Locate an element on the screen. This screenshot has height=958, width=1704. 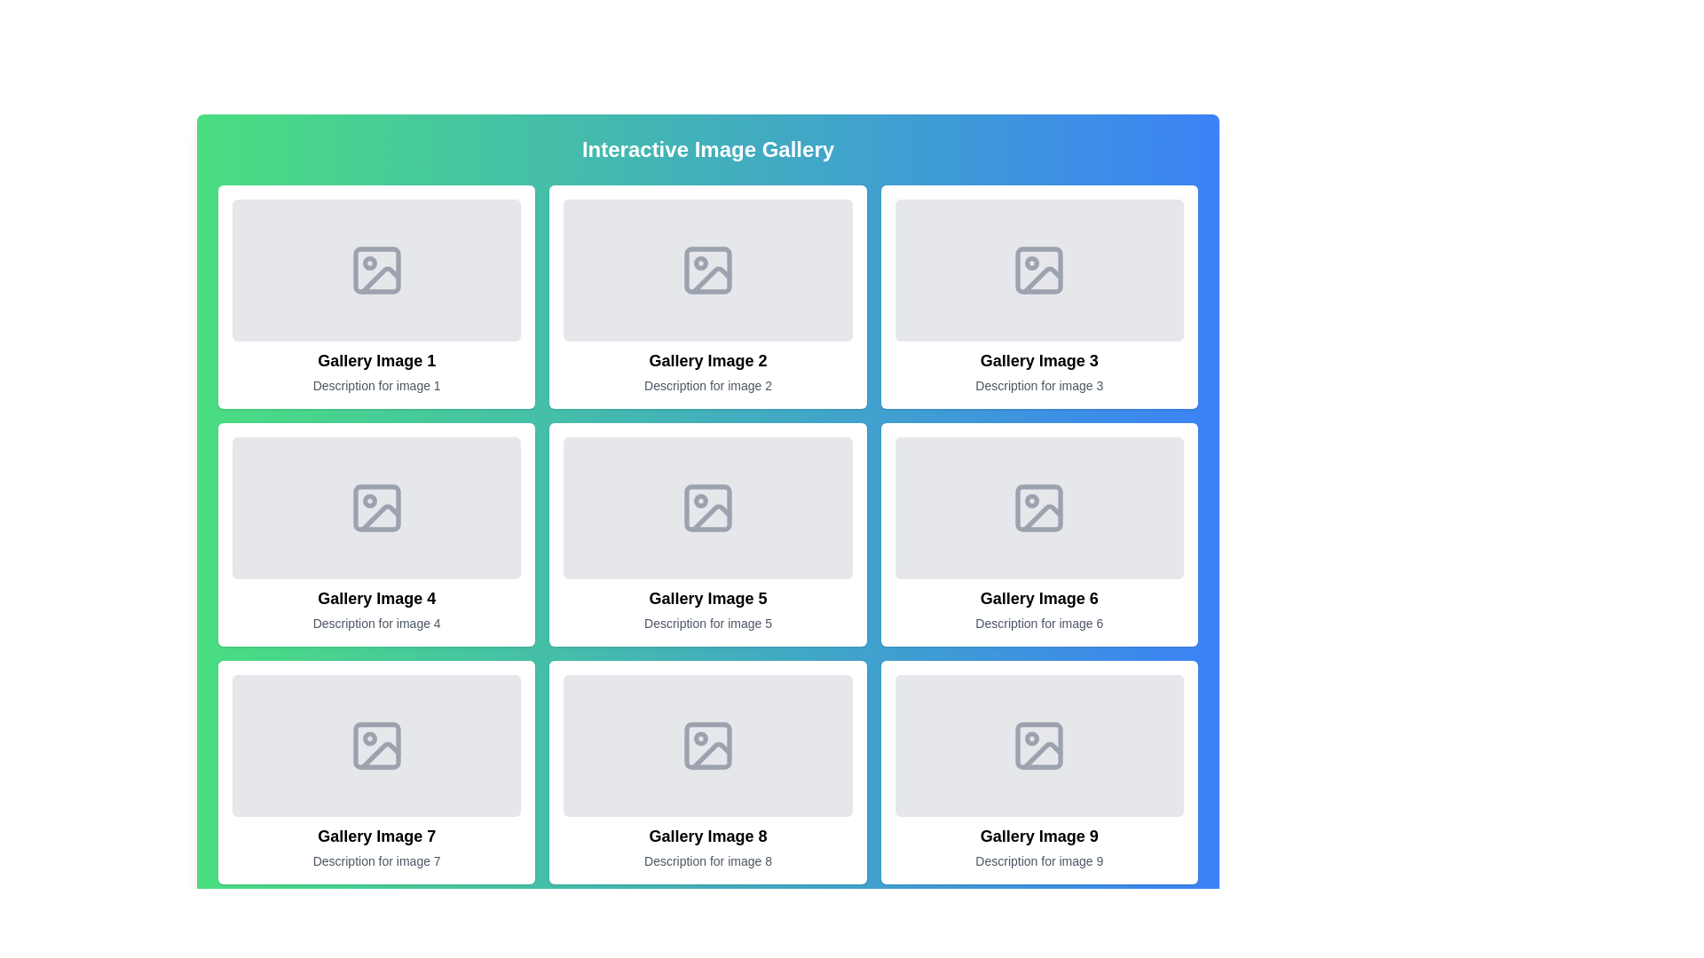
the text label styled in small gray font that reads 'Description for image 9', located beneath the 'Gallery Image 9' title in the ninth box of a 3x3 grid layout is located at coordinates (1039, 860).